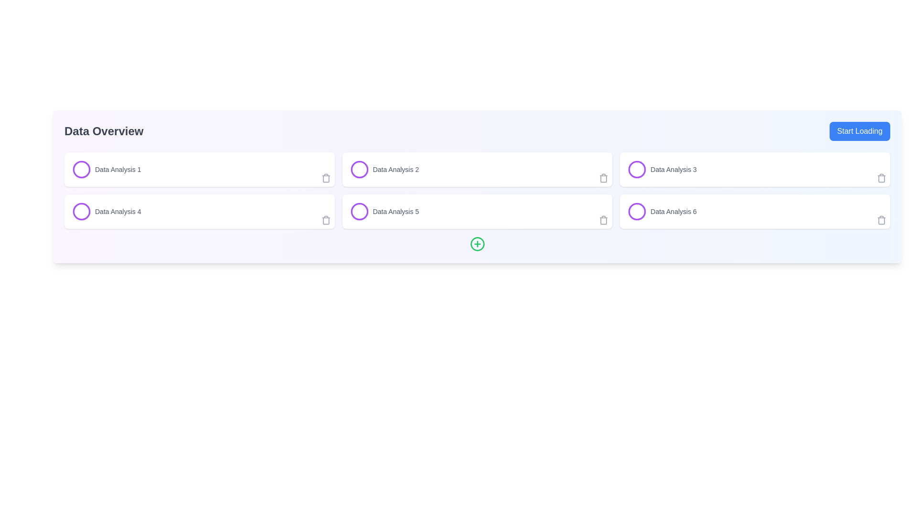 Image resolution: width=917 pixels, height=516 pixels. What do you see at coordinates (395, 211) in the screenshot?
I see `the label text for the option titled 'Data Analysis 5', located in the lower row of a 2x3 grid layout within the 'Data Overview' section, specifically the second element in the bottom row` at bounding box center [395, 211].